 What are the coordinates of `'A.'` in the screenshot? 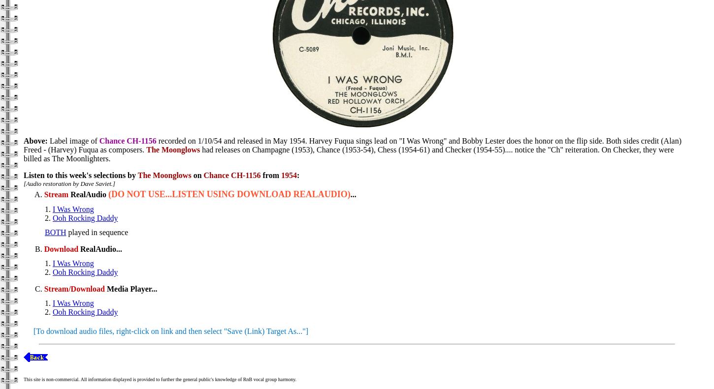 It's located at (34, 194).